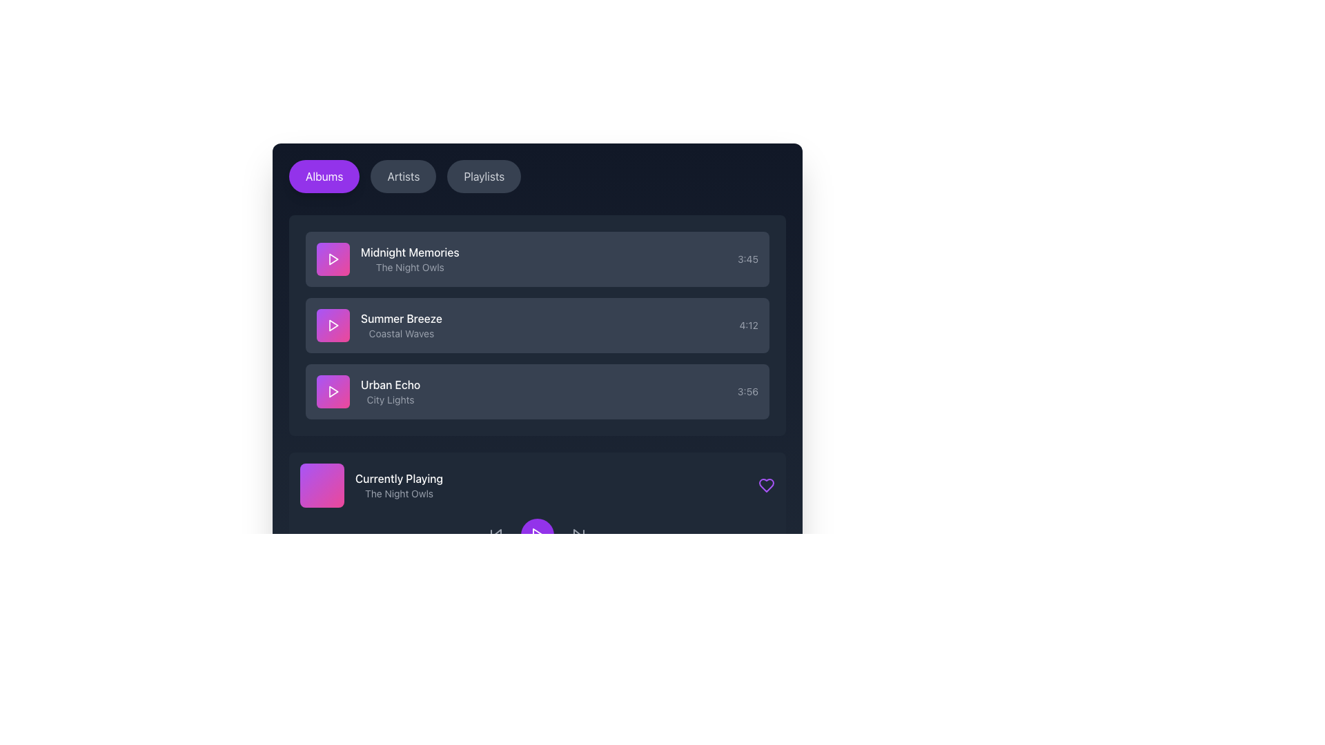  Describe the element at coordinates (484, 175) in the screenshot. I see `the 'Playlists' button, which is a horizontally-elongated button with rounded edges and a dark gray background` at that location.